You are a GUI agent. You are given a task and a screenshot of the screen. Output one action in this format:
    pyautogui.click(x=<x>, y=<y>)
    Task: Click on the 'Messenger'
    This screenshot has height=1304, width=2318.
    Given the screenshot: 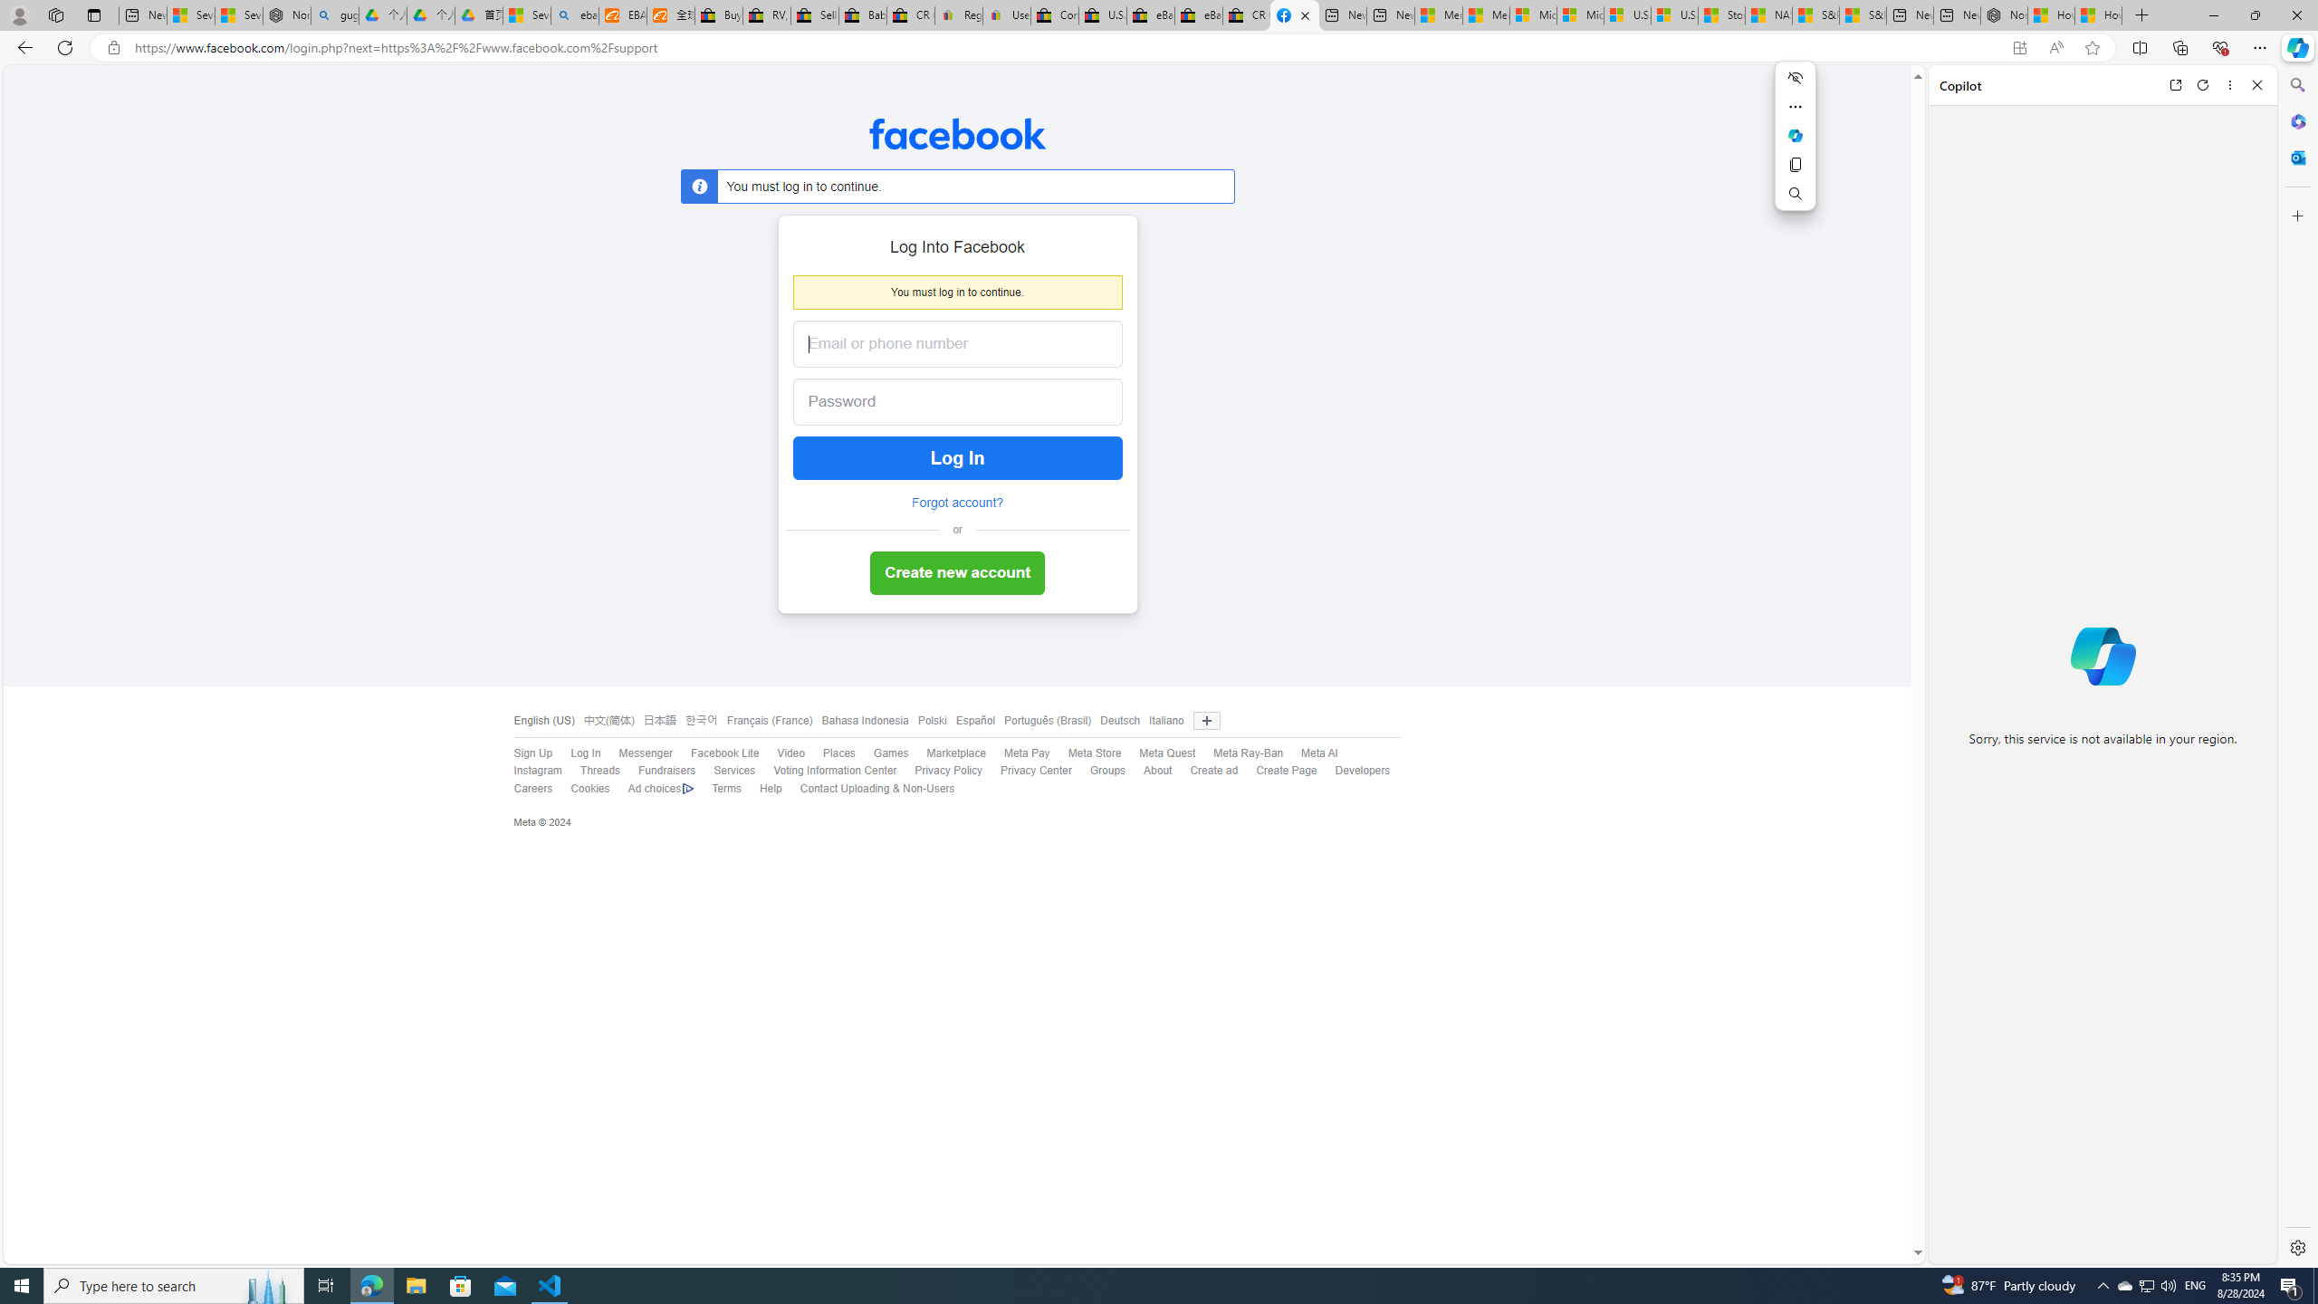 What is the action you would take?
    pyautogui.click(x=645, y=753)
    